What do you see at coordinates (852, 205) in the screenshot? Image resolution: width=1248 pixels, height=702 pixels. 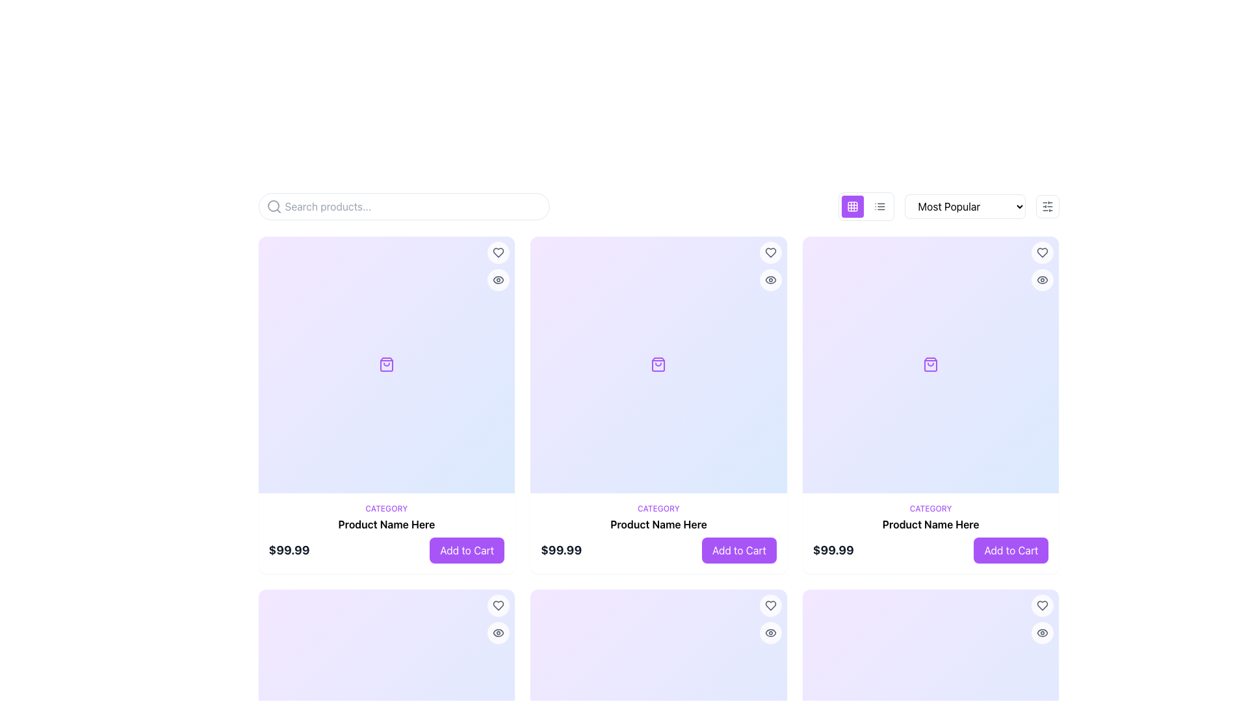 I see `the square icon depicting a 3x3 grid layout with a purple background` at bounding box center [852, 205].